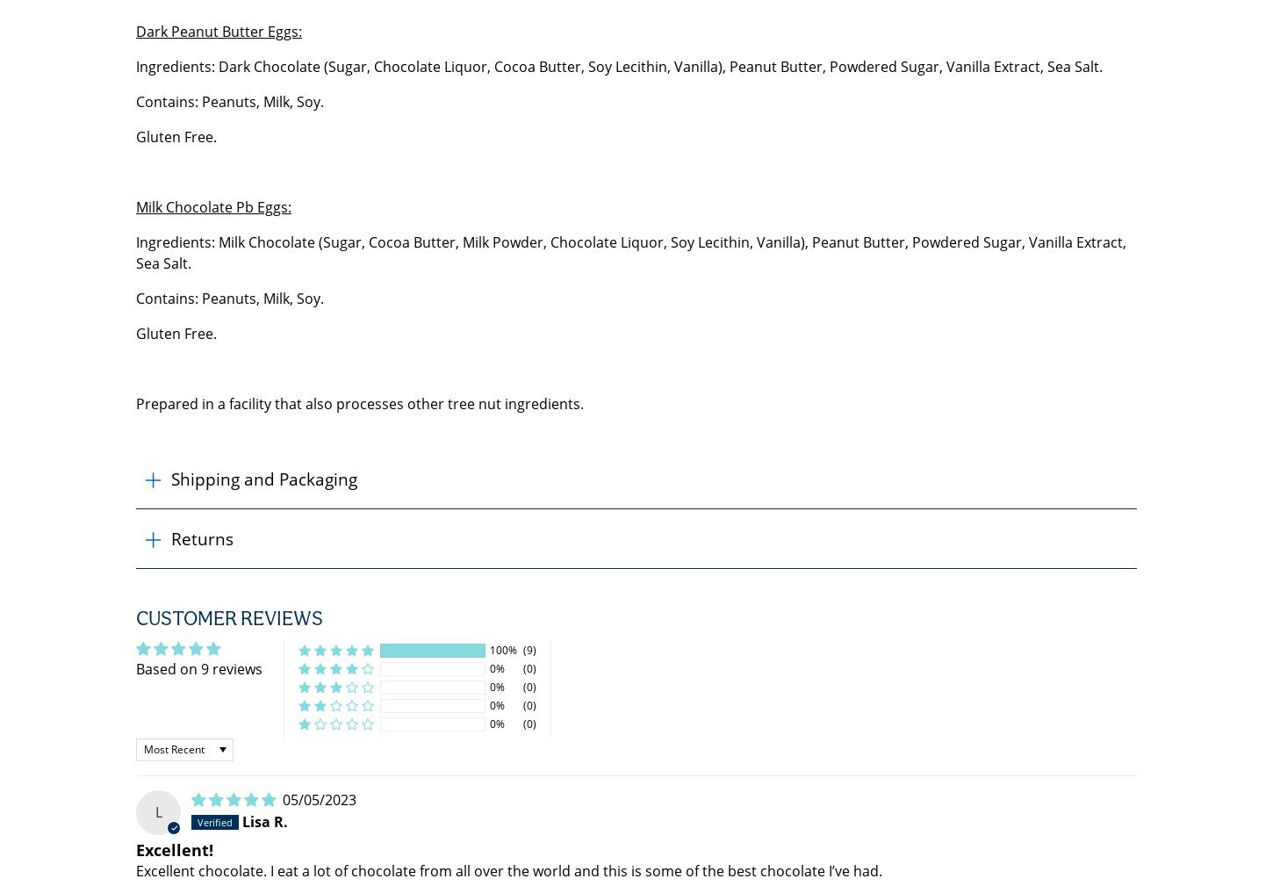 The image size is (1273, 886). Describe the element at coordinates (529, 649) in the screenshot. I see `'(9)'` at that location.